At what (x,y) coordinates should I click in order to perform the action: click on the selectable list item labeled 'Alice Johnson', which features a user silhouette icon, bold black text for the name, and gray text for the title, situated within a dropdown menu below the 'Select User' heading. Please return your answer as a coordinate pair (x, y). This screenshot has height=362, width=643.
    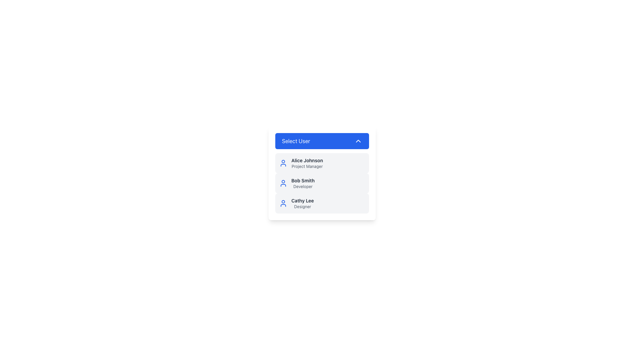
    Looking at the image, I should click on (322, 163).